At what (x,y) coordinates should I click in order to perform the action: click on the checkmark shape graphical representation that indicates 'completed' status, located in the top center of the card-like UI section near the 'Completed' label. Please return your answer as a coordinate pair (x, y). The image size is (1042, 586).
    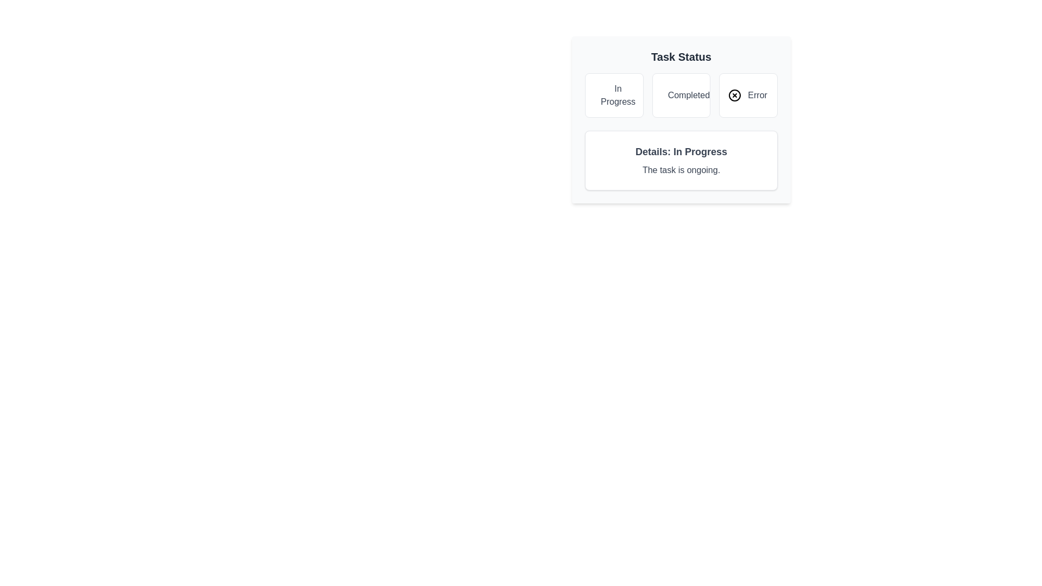
    Looking at the image, I should click on (669, 93).